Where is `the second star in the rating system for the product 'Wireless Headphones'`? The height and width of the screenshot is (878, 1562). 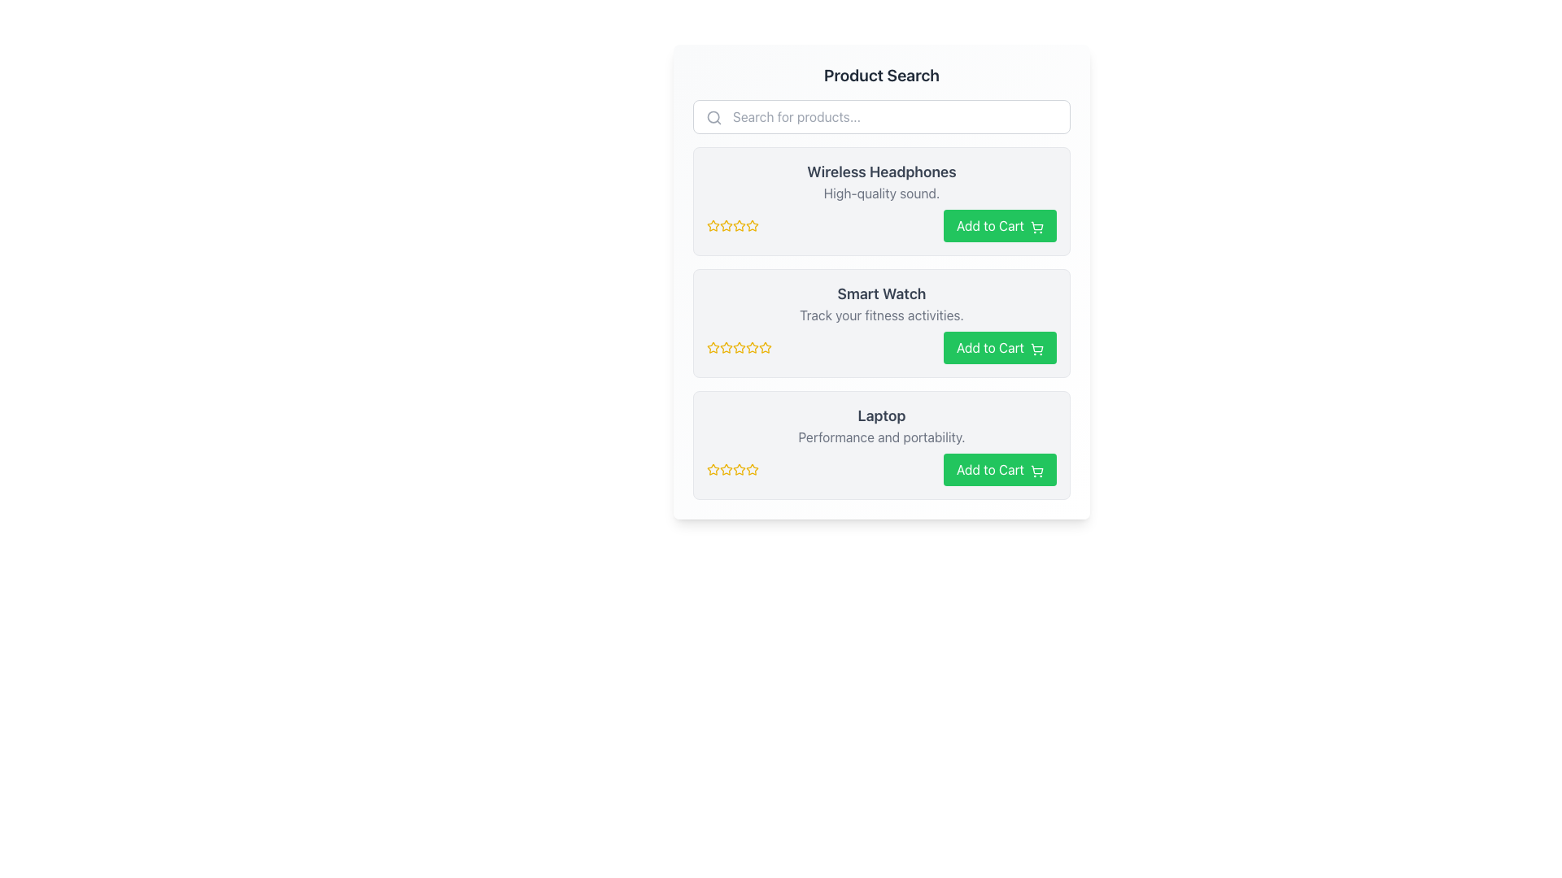 the second star in the rating system for the product 'Wireless Headphones' is located at coordinates (725, 225).